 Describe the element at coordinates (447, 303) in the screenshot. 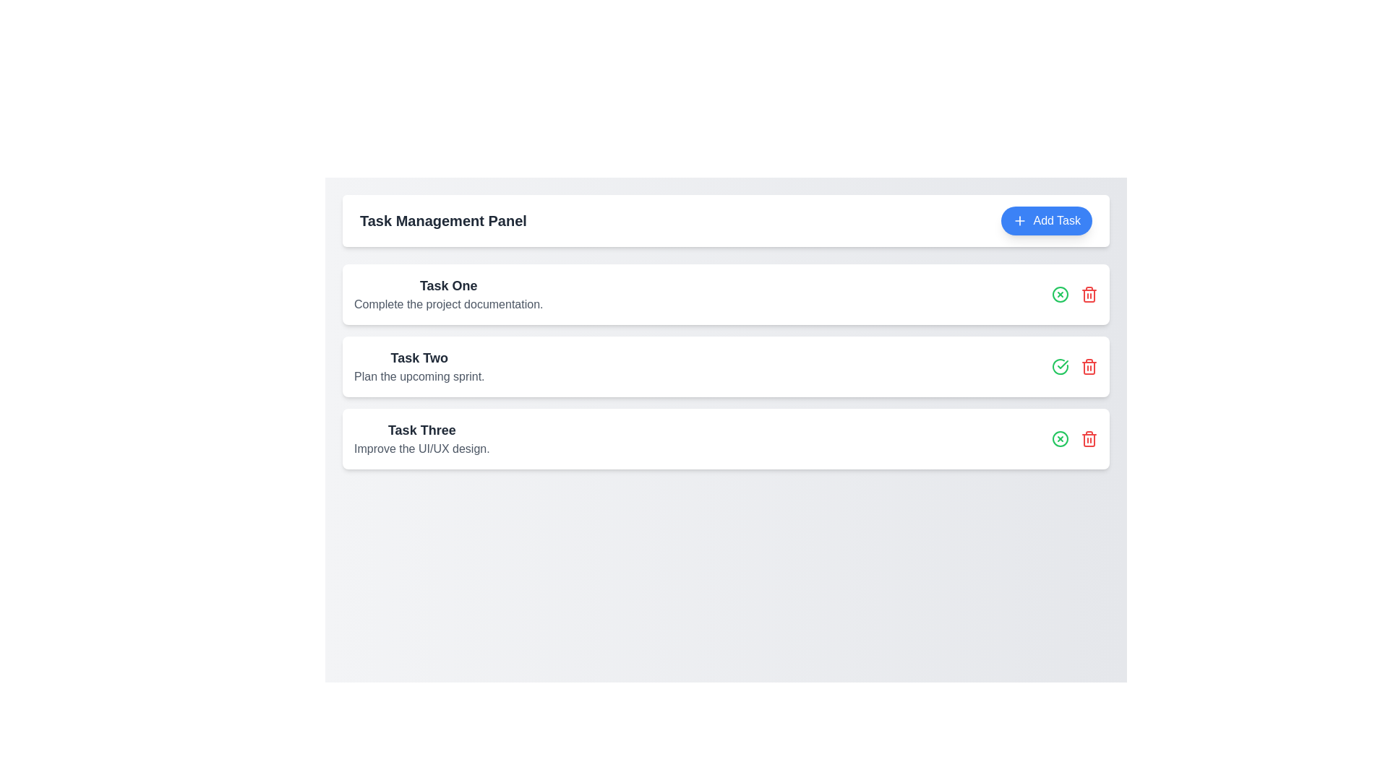

I see `the text label displaying 'Complete the project documentation.' which is styled in gray font and located below the header 'Task One.'` at that location.